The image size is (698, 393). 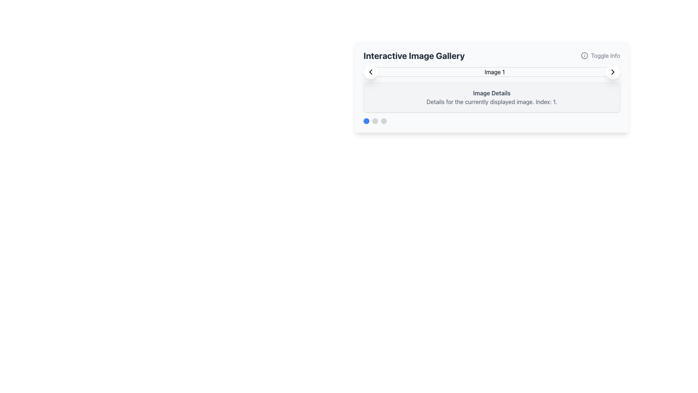 What do you see at coordinates (600, 55) in the screenshot?
I see `the clickable button element that toggles additional informational content related to the image gallery to trigger the color transition` at bounding box center [600, 55].